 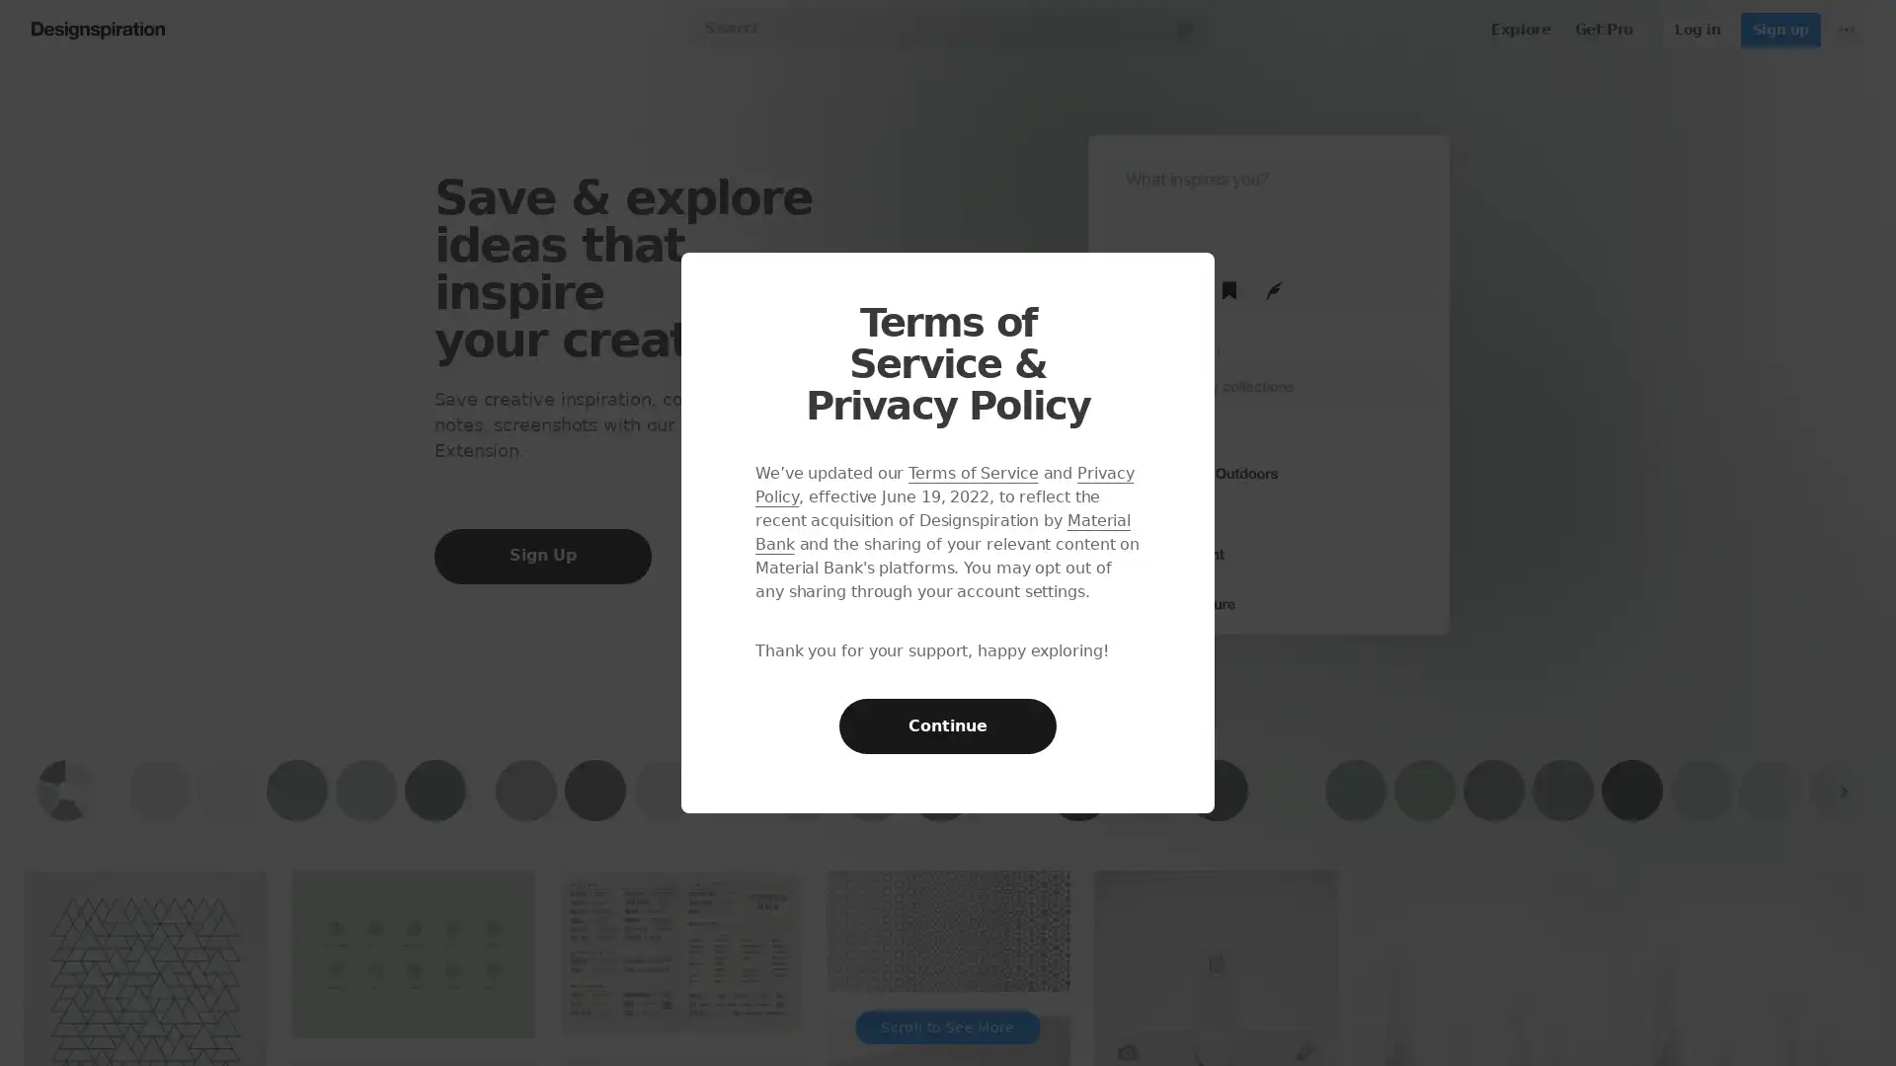 What do you see at coordinates (948, 726) in the screenshot?
I see `Continue` at bounding box center [948, 726].